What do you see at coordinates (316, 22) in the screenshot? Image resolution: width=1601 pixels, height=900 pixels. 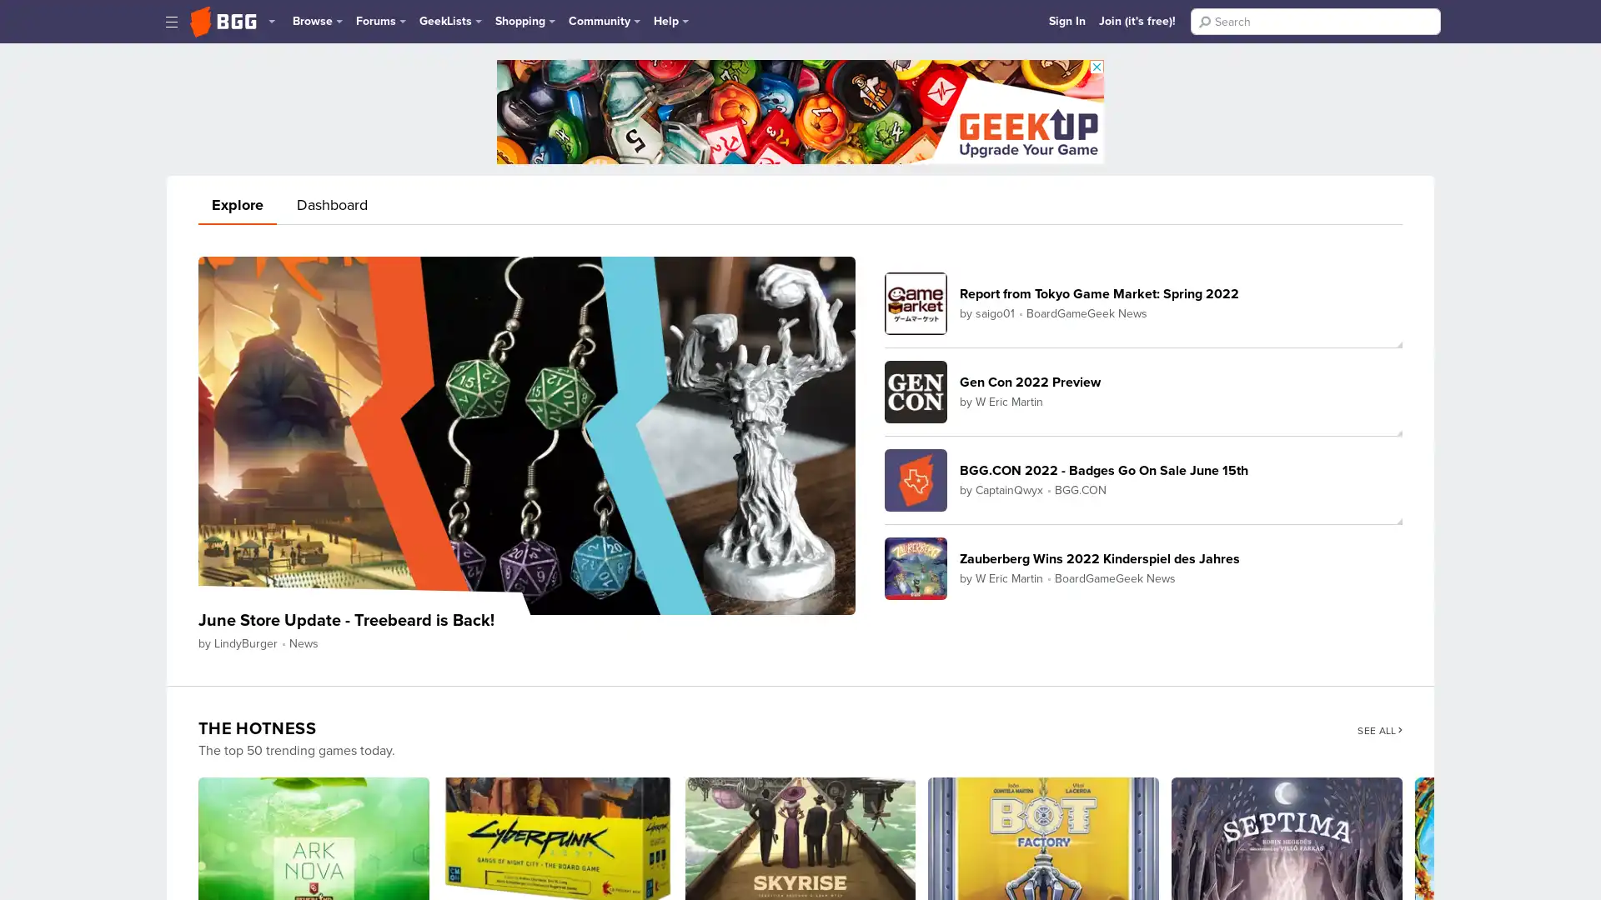 I see `Browse` at bounding box center [316, 22].